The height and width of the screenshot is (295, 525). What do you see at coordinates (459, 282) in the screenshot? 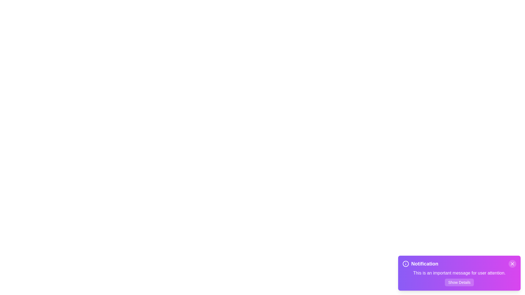
I see `'Show Details' button to reveal additional information` at bounding box center [459, 282].